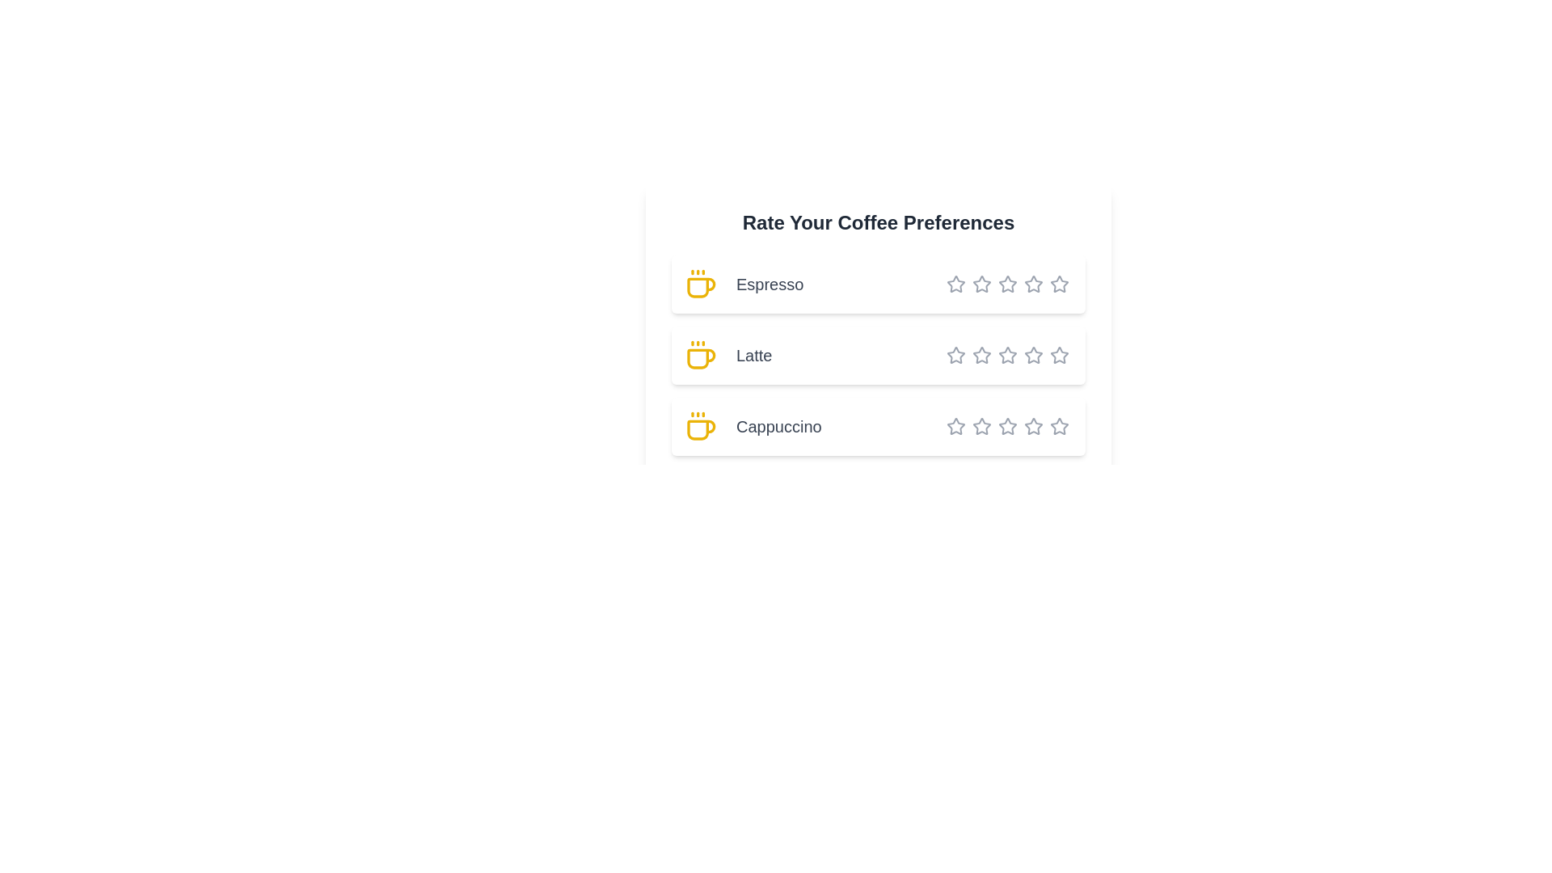 The height and width of the screenshot is (873, 1552). What do you see at coordinates (955, 283) in the screenshot?
I see `the star corresponding to 1 stars for the coffee type Espresso` at bounding box center [955, 283].